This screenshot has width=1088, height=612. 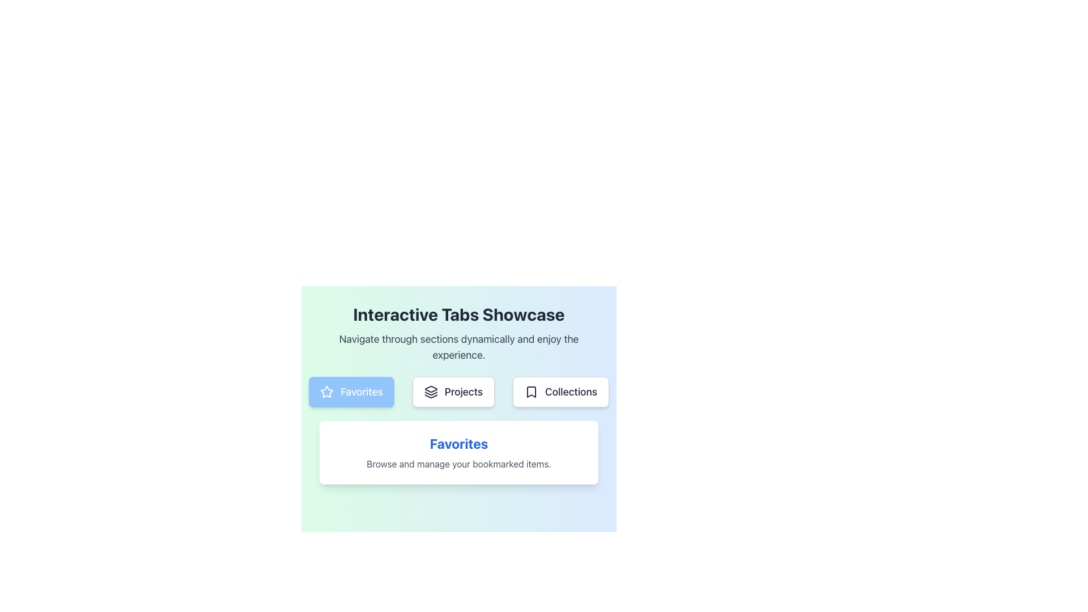 What do you see at coordinates (531, 391) in the screenshot?
I see `the bookmark icon located to the left of the 'Collections' button, which visually represents the bookmark feature` at bounding box center [531, 391].